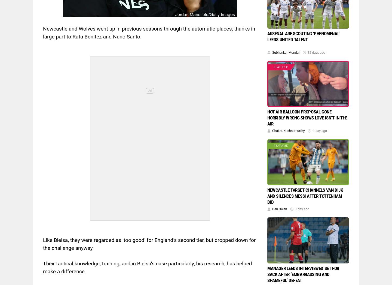  Describe the element at coordinates (286, 52) in the screenshot. I see `'Subhankar Mondal'` at that location.